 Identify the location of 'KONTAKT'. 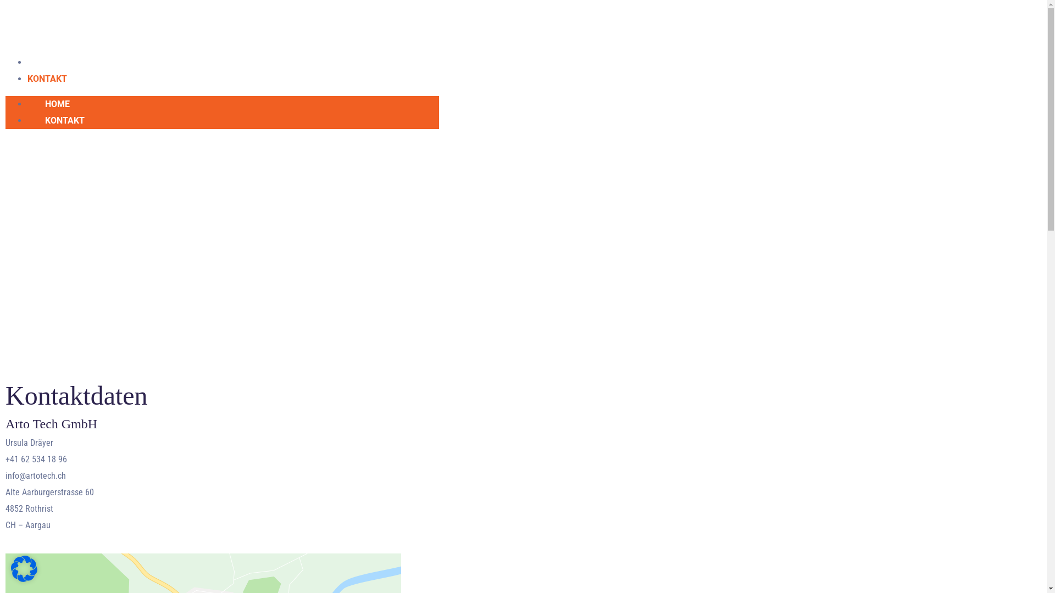
(47, 78).